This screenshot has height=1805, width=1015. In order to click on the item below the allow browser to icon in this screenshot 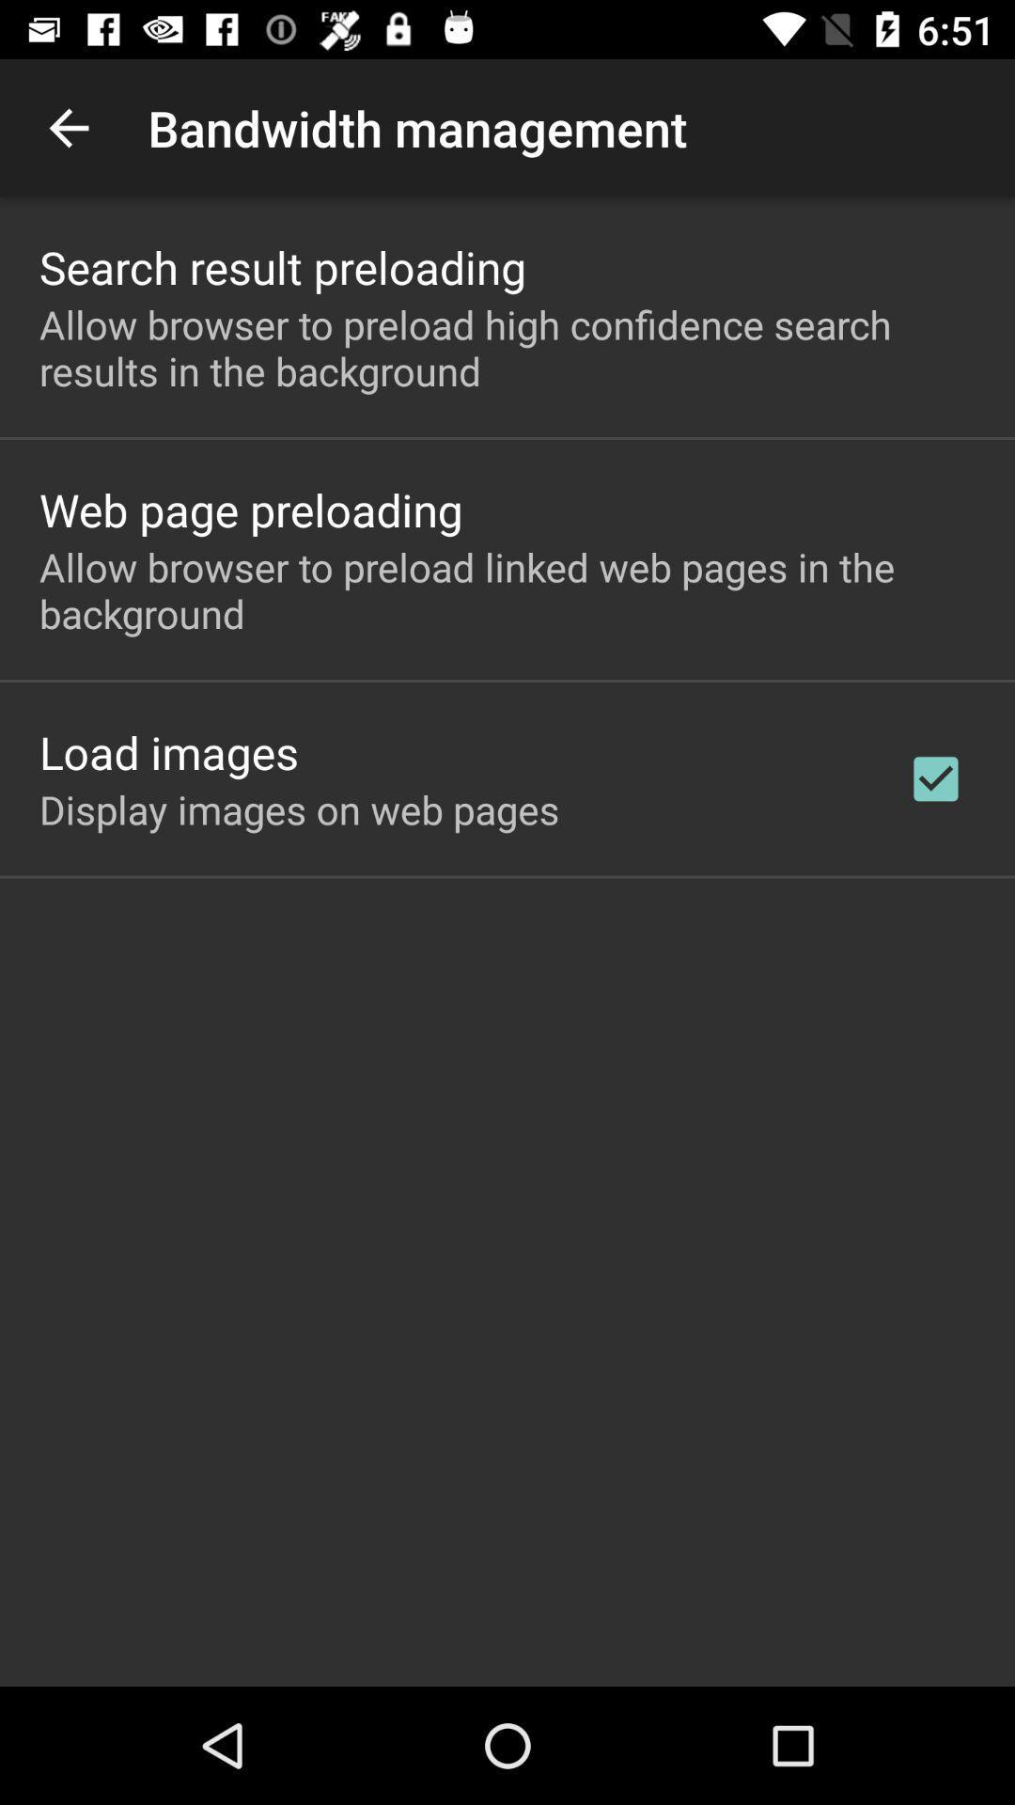, I will do `click(169, 752)`.